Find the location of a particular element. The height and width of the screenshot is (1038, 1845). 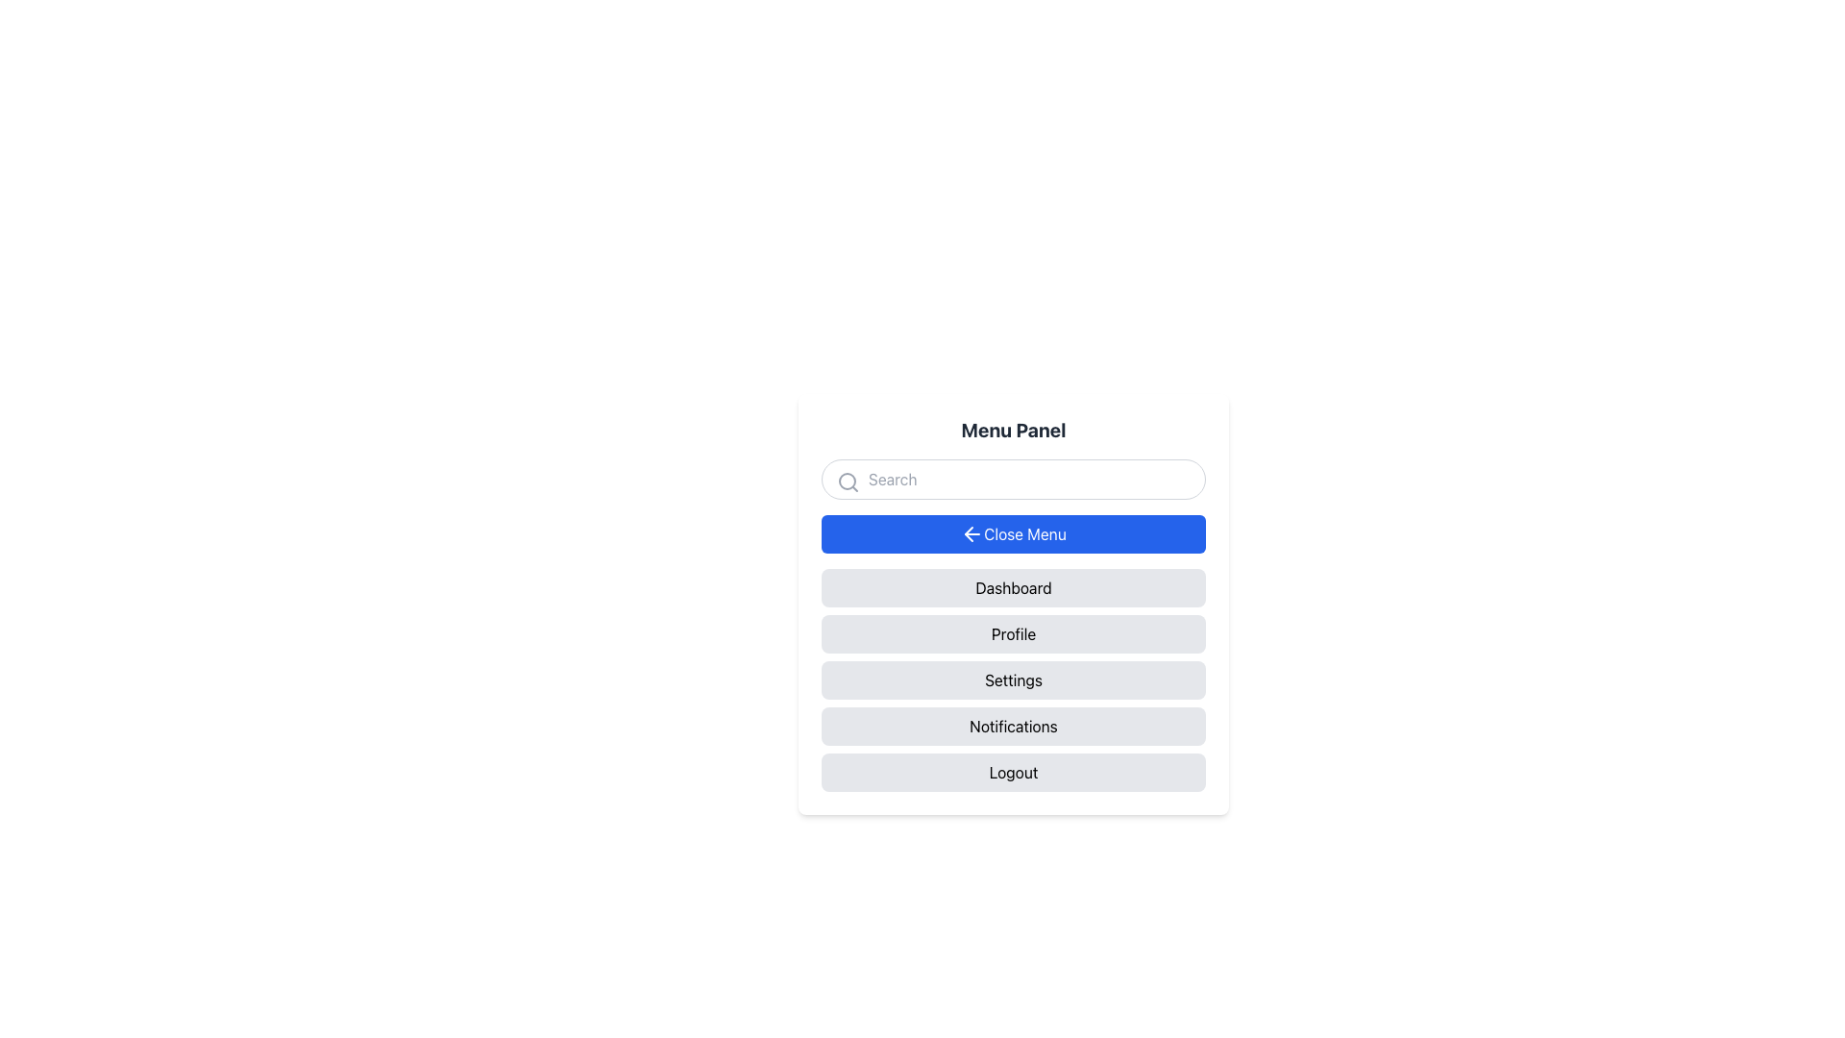

the 'Logout' button, which is the fifth button in a vertical list of buttons, to change its background color is located at coordinates (1013, 771).